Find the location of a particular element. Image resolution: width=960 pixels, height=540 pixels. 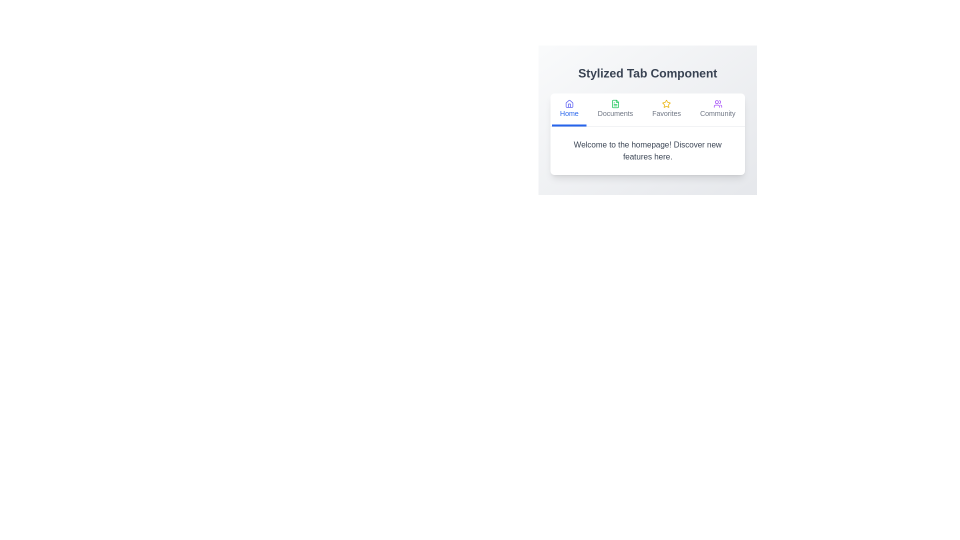

the 'Home' navigation tab button located at the leftmost side of the horizontal navigation bar is located at coordinates (569, 109).